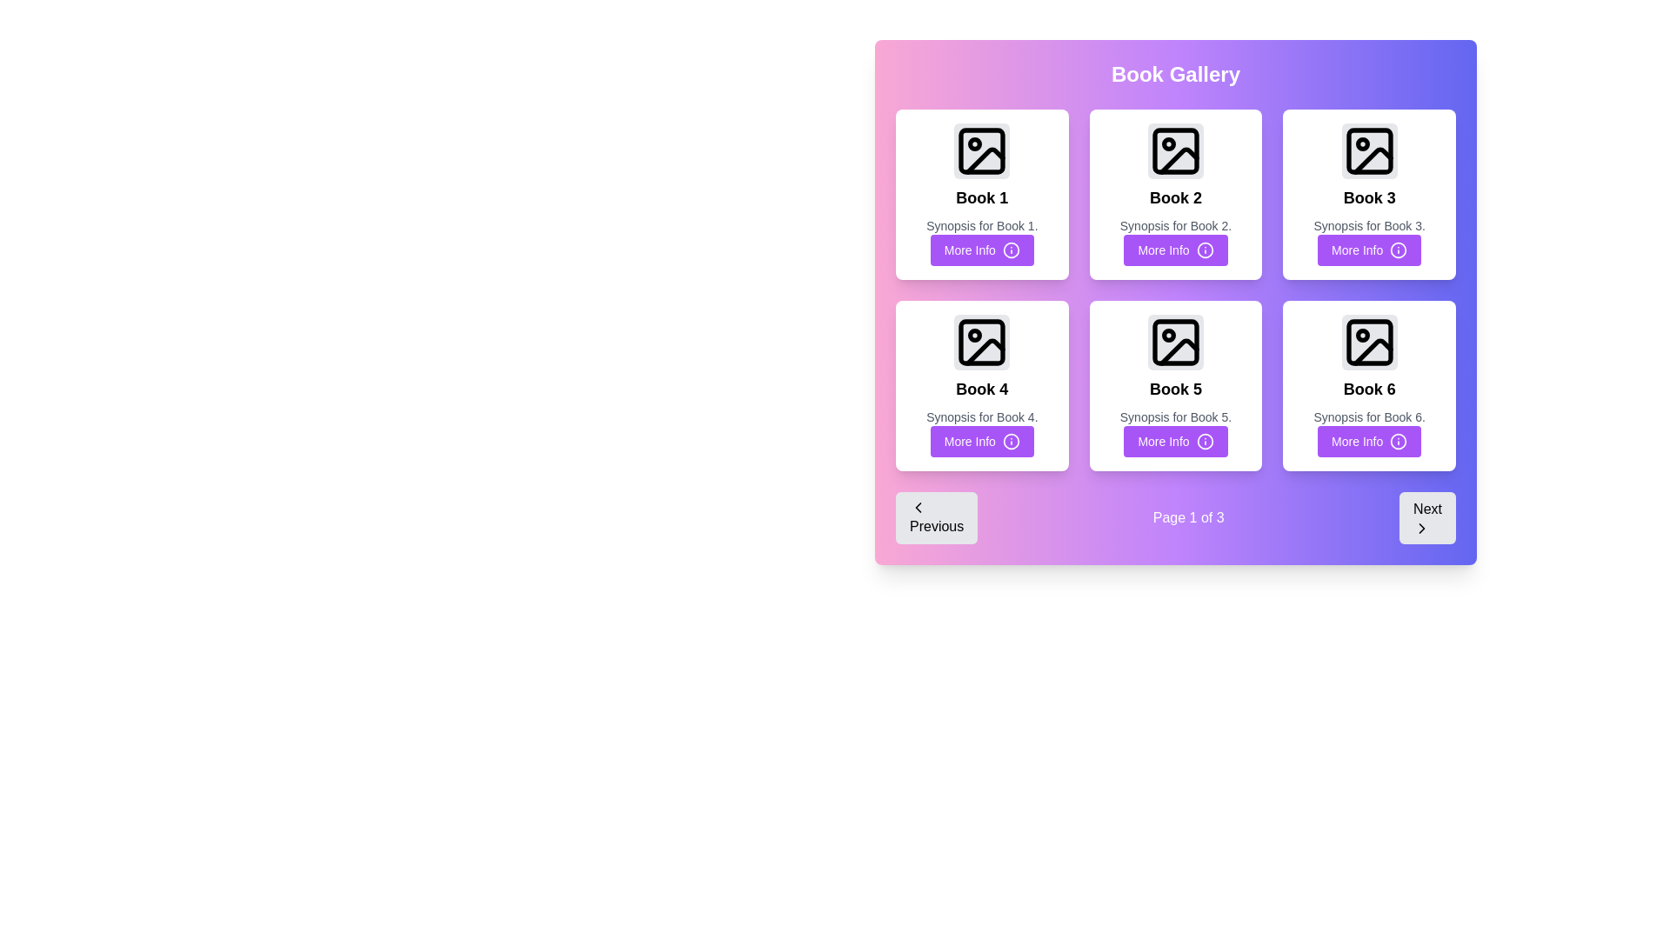 This screenshot has height=939, width=1670. What do you see at coordinates (1361, 335) in the screenshot?
I see `the decorative circle graphic element within the photo icon of the sixth book card in the Book Gallery section` at bounding box center [1361, 335].